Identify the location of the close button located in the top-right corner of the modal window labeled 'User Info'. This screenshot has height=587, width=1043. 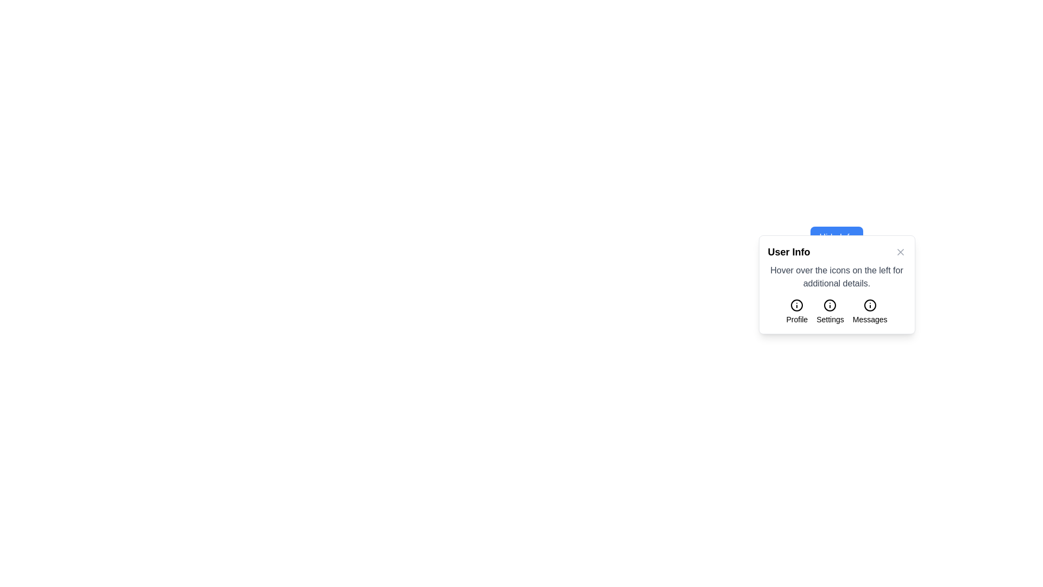
(900, 252).